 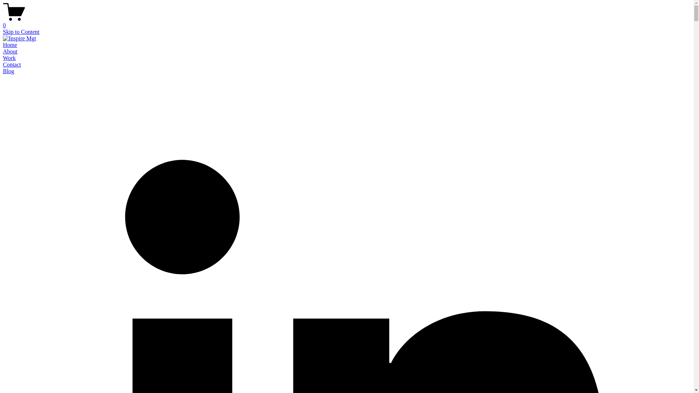 What do you see at coordinates (8, 71) in the screenshot?
I see `'Blog'` at bounding box center [8, 71].